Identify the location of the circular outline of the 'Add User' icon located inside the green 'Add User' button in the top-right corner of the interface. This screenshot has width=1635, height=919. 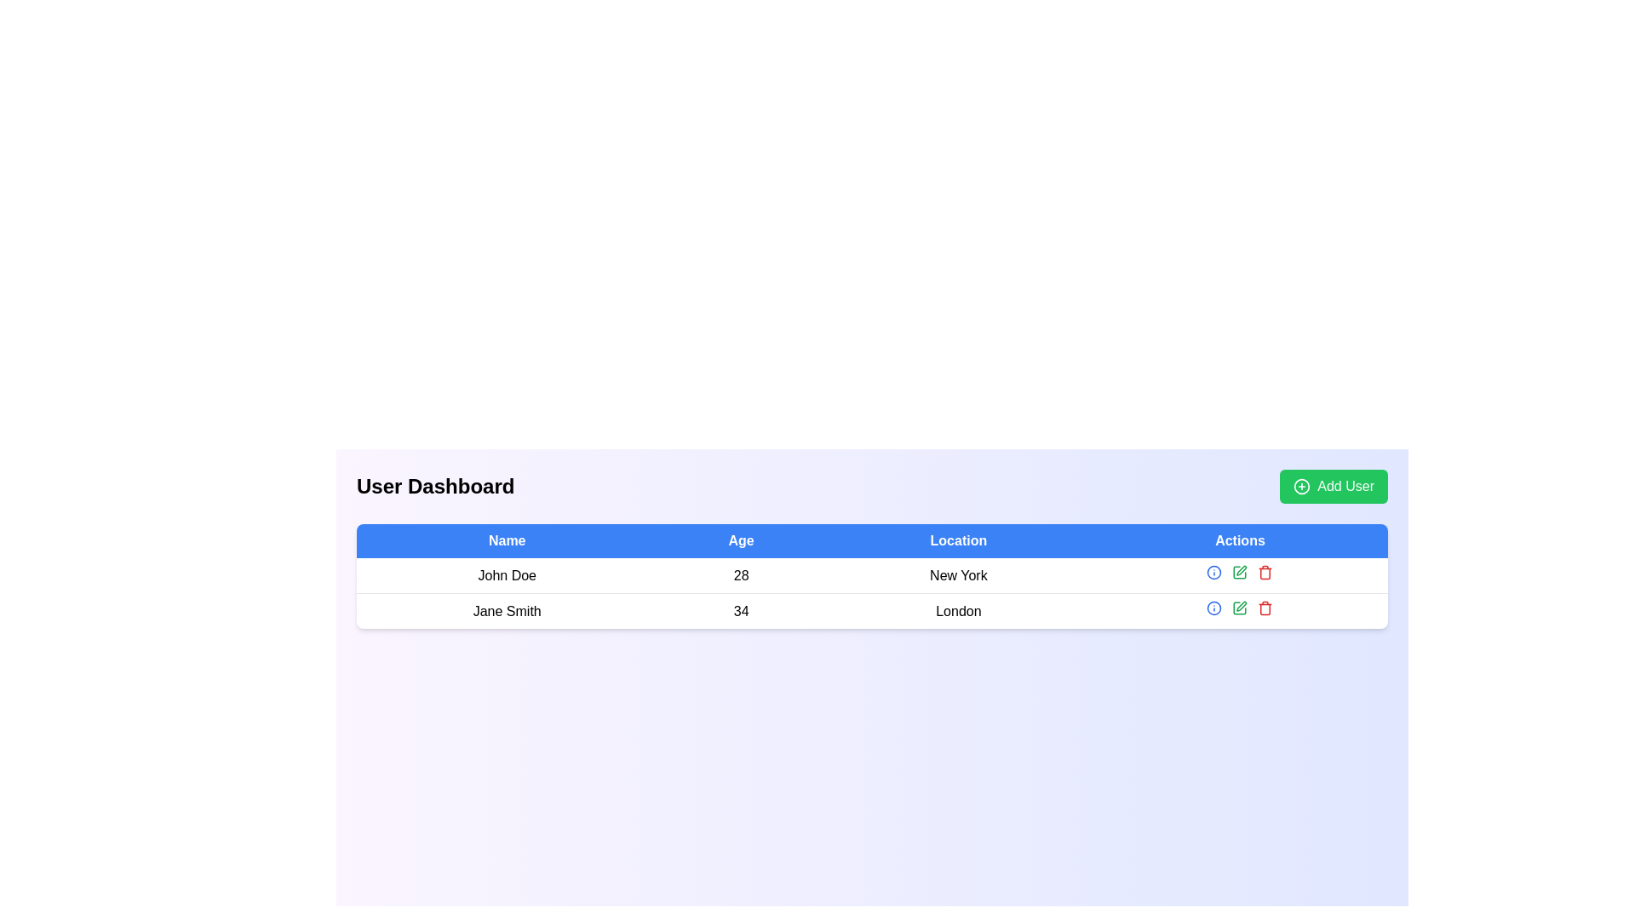
(1301, 486).